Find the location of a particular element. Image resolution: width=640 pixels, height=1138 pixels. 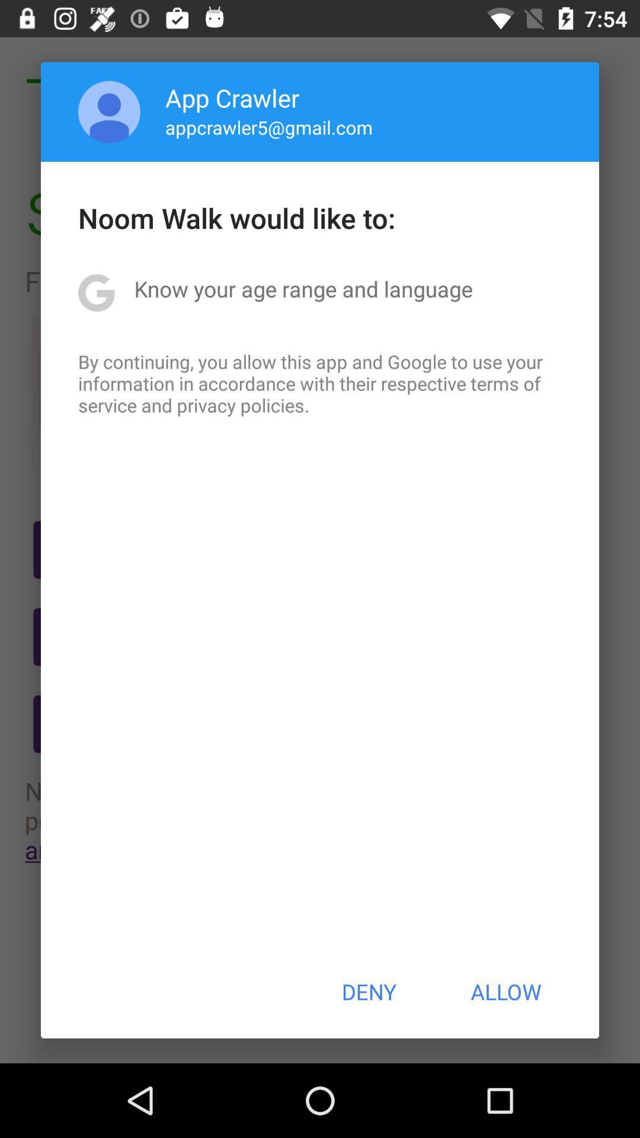

icon above appcrawler5@gmail.com is located at coordinates (232, 97).